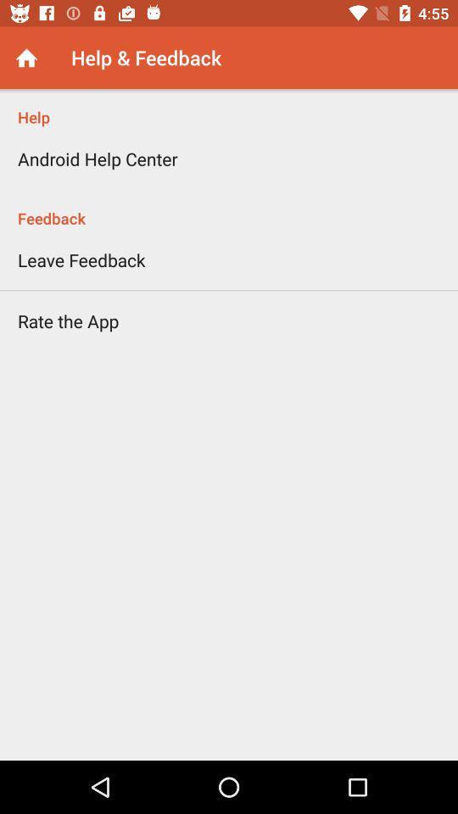 The image size is (458, 814). What do you see at coordinates (81, 259) in the screenshot?
I see `the item above rate the app icon` at bounding box center [81, 259].